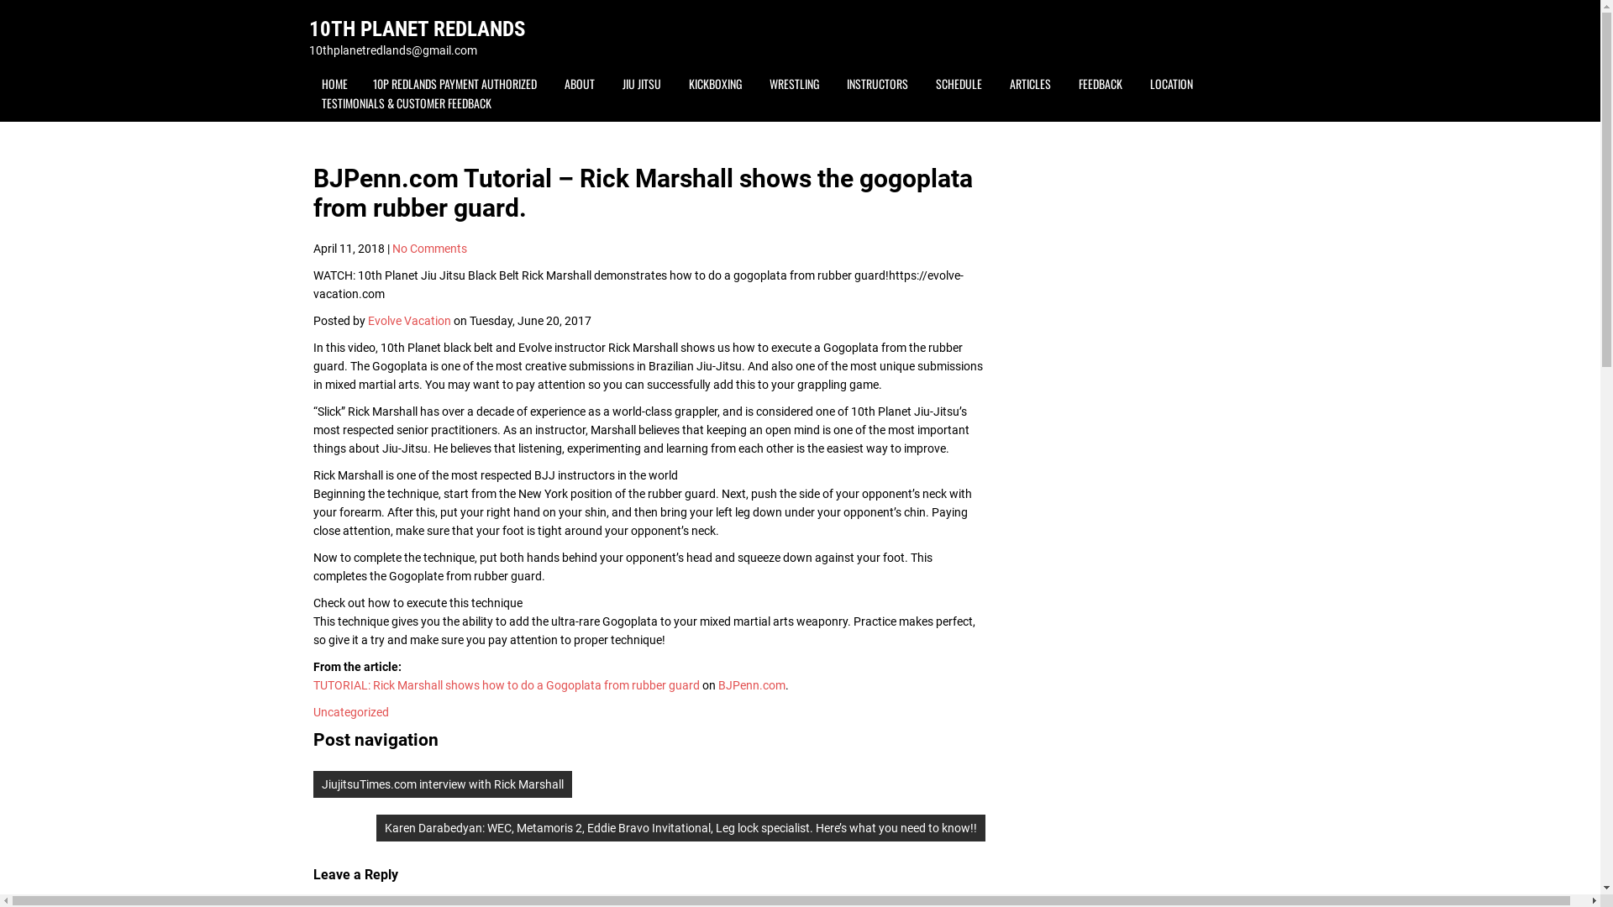 The width and height of the screenshot is (1613, 907). I want to click on 'JIU JITSU', so click(640, 83).